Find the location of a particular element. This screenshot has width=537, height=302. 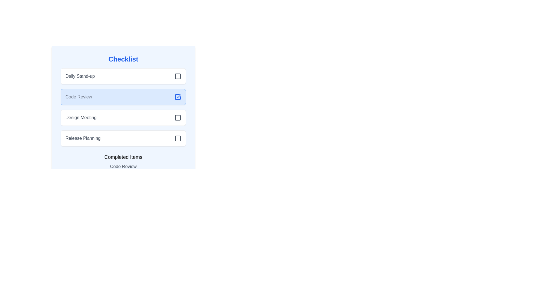

the 'Code Review' checklist item, which is the second item in the checklist with a strikethrough style is located at coordinates (123, 107).